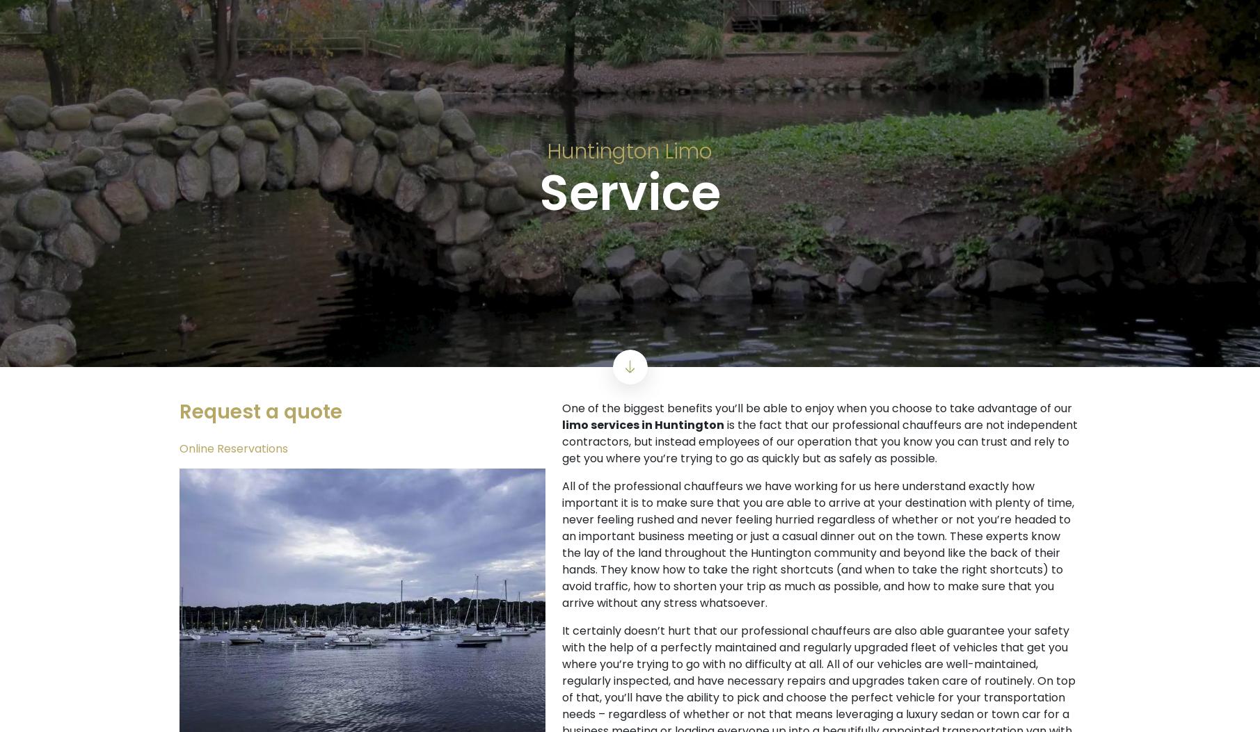 The height and width of the screenshot is (732, 1260). I want to click on 'Suffolk County Airport Car Service', so click(630, 678).